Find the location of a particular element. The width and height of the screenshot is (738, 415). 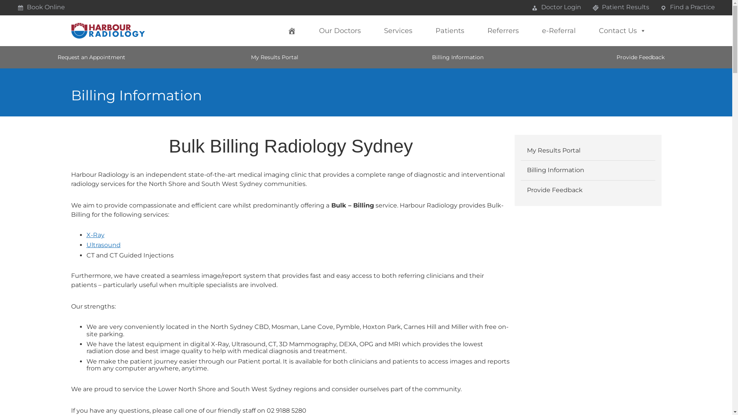

'Find a Practice' is located at coordinates (688, 7).